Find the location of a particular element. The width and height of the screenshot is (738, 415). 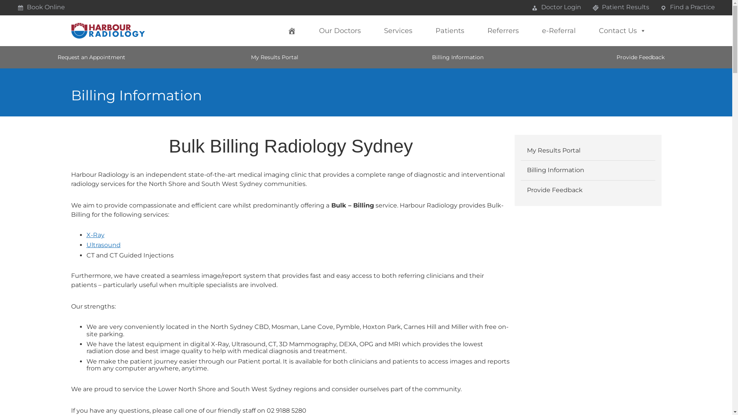

'Find a Practice' is located at coordinates (688, 7).